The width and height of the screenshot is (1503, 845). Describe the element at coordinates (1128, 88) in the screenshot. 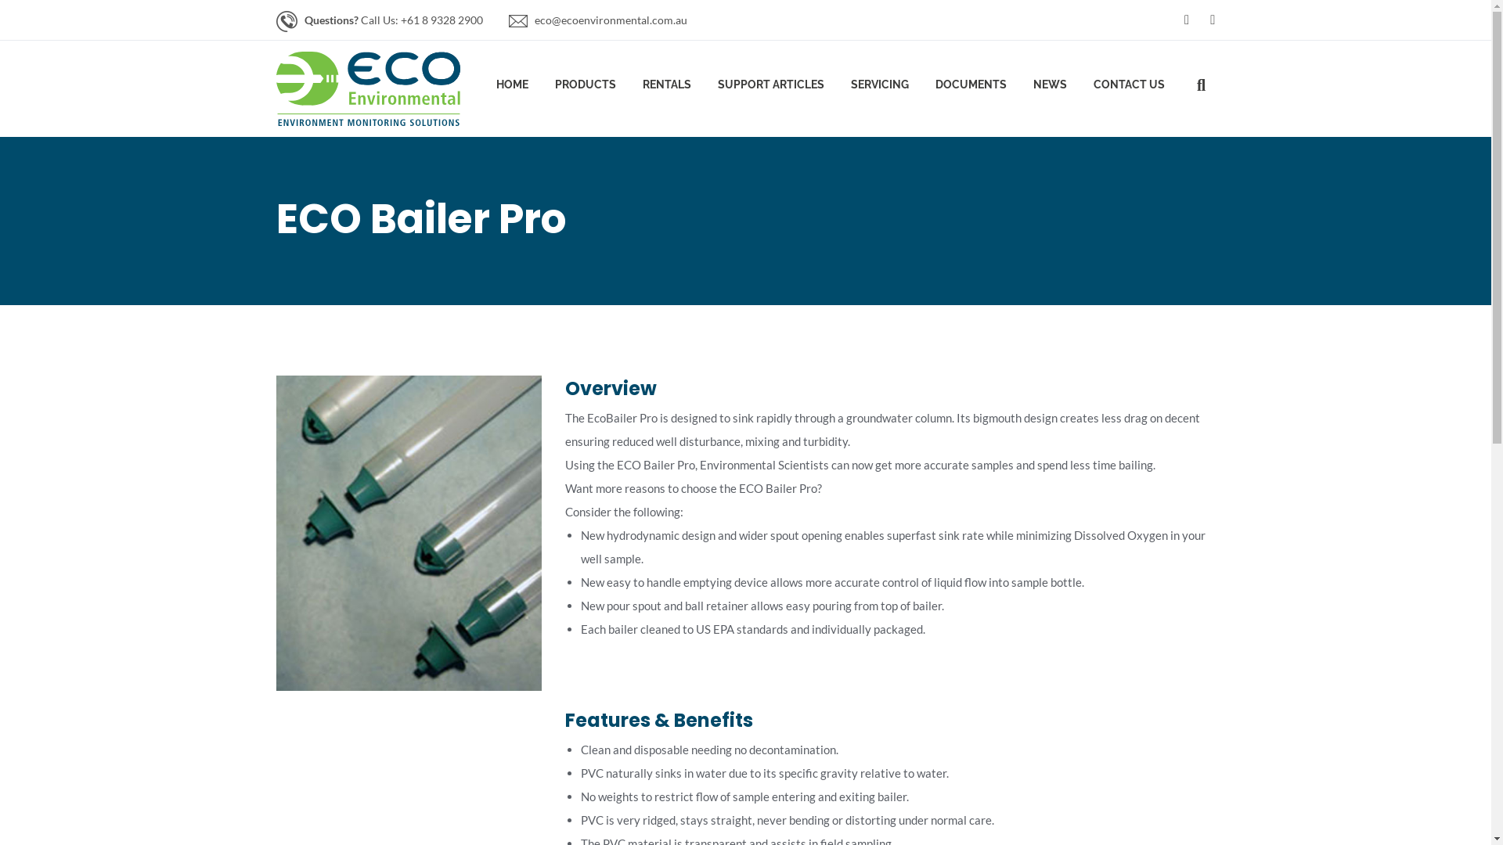

I see `'CONTACT US'` at that location.